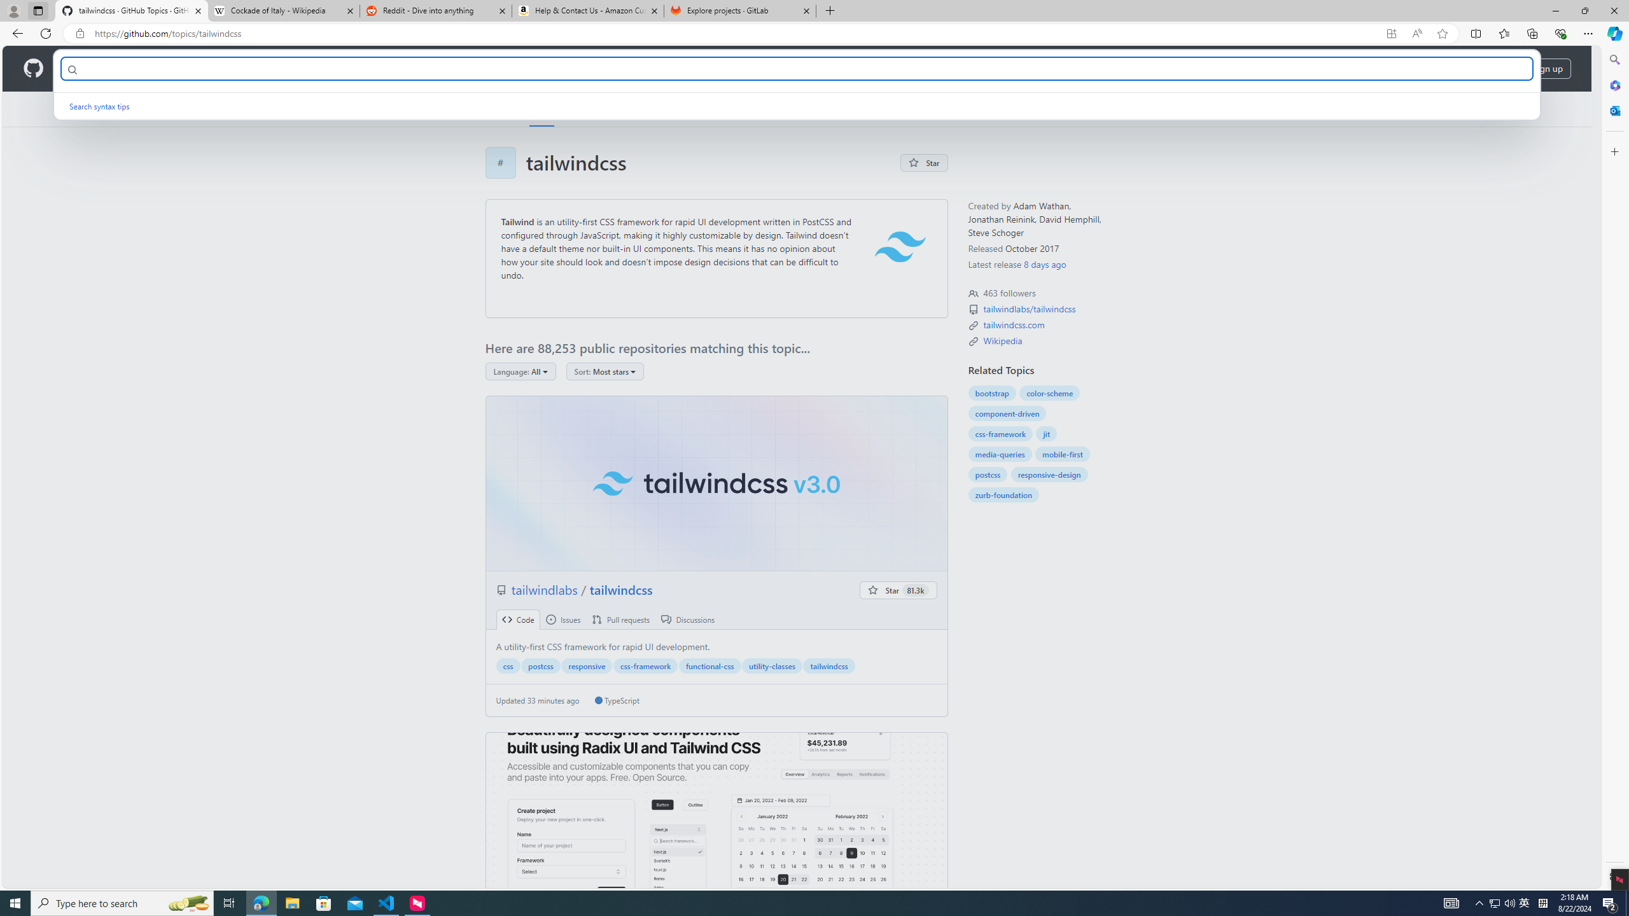 The width and height of the screenshot is (1629, 916). I want to click on 'Solutions', so click(143, 68).